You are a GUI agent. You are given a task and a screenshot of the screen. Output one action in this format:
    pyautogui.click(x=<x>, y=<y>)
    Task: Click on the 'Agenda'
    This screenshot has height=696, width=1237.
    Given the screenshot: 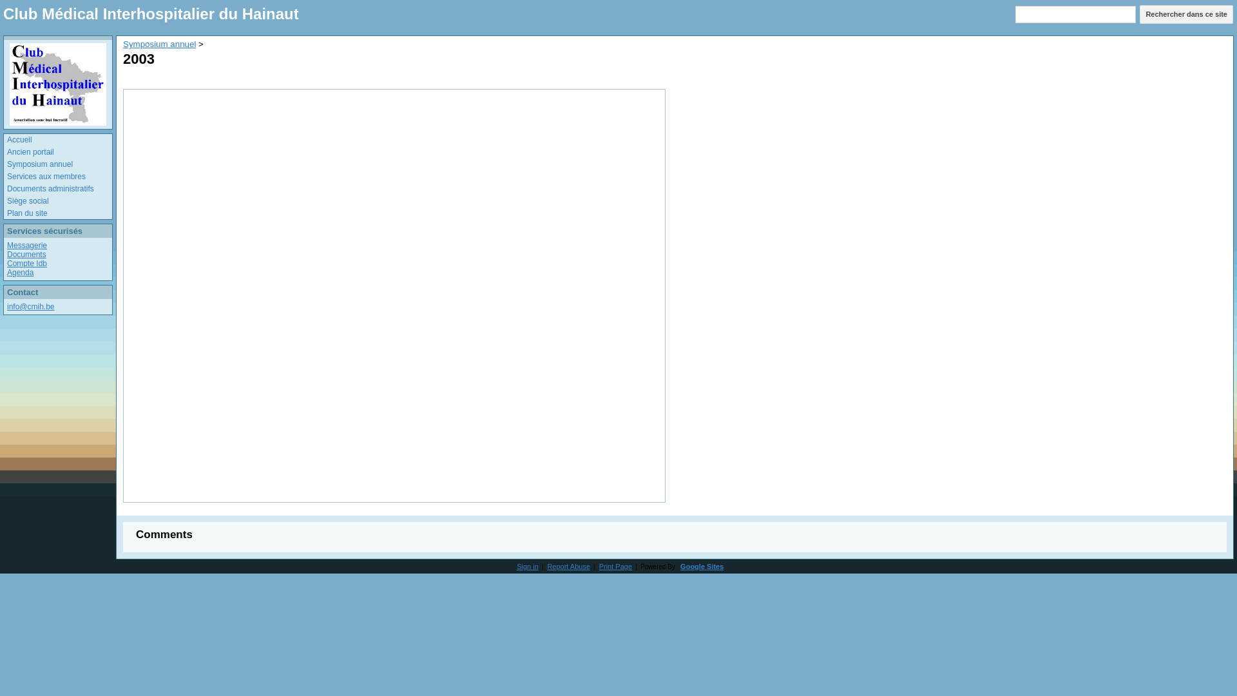 What is the action you would take?
    pyautogui.click(x=20, y=272)
    